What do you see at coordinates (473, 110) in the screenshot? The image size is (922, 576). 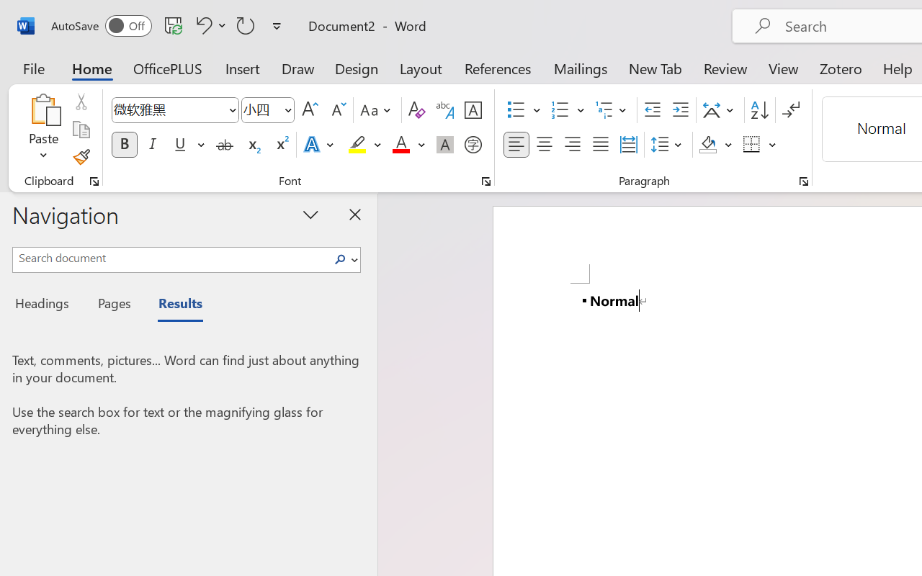 I see `'Character Border'` at bounding box center [473, 110].